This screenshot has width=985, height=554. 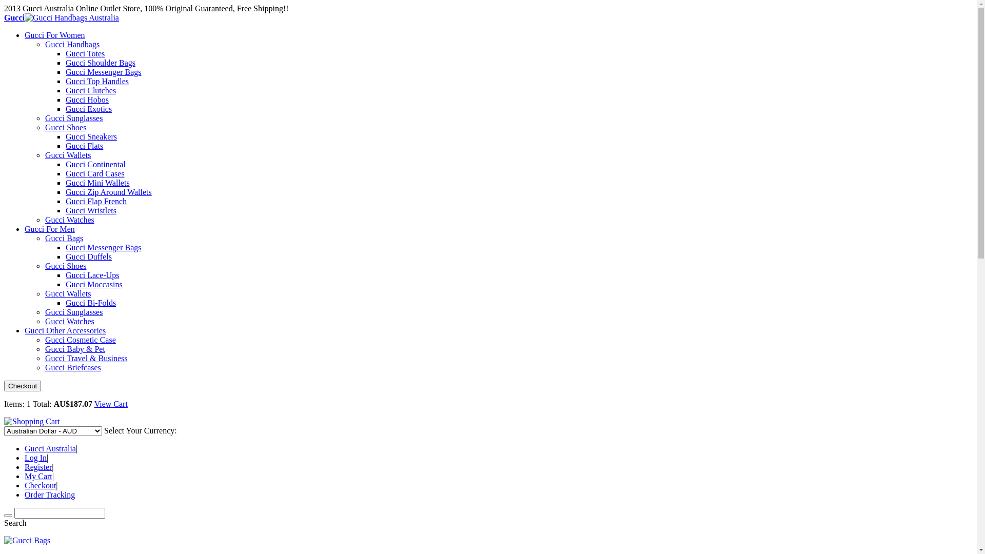 What do you see at coordinates (69, 321) in the screenshot?
I see `'Gucci Watches'` at bounding box center [69, 321].